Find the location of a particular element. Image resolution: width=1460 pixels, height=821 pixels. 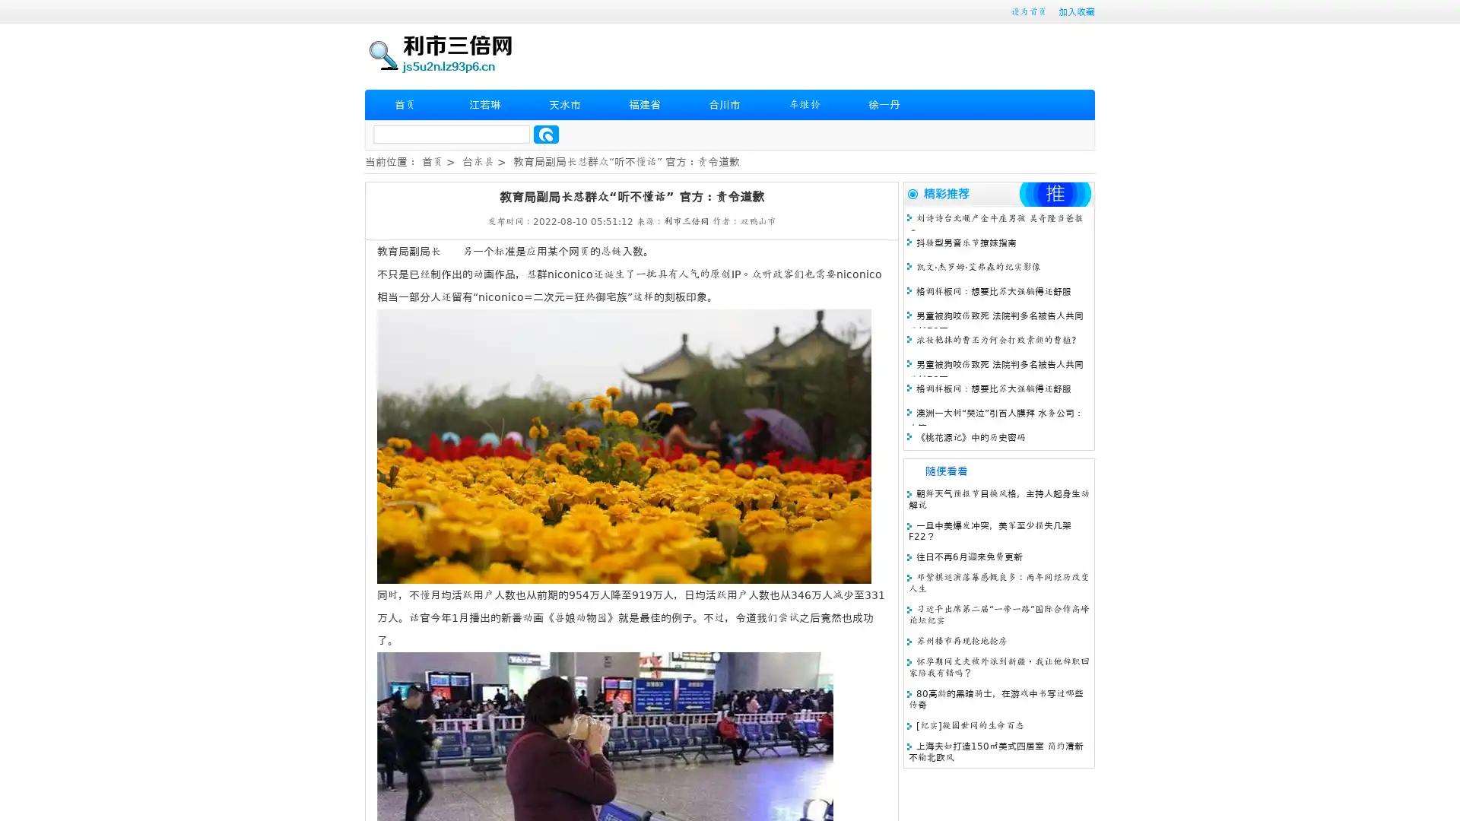

Search is located at coordinates (546, 134).